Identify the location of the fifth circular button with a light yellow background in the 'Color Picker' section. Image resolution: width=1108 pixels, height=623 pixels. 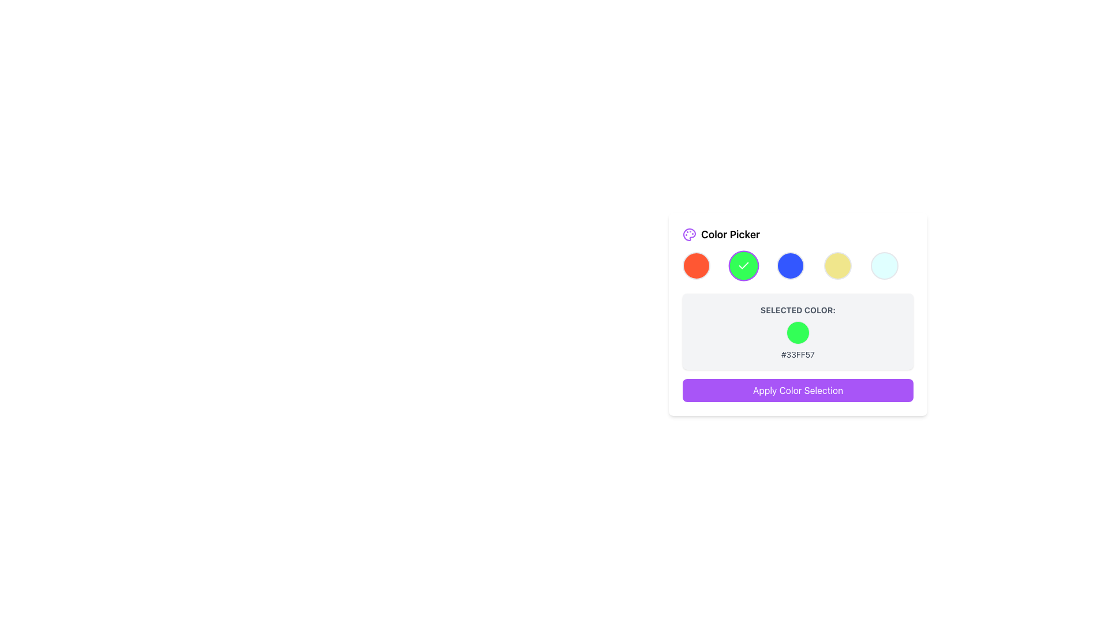
(837, 266).